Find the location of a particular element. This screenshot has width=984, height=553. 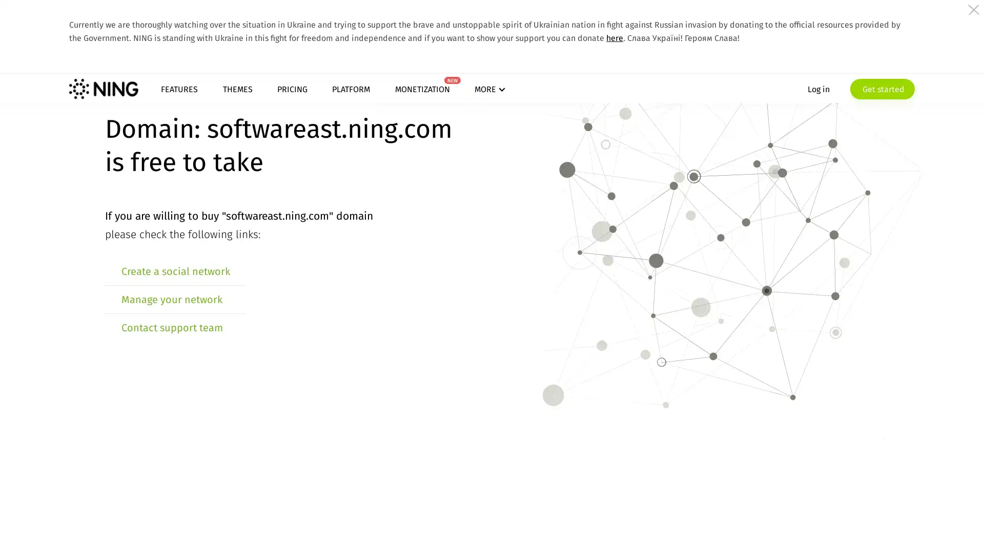

Log in is located at coordinates (723, 104).